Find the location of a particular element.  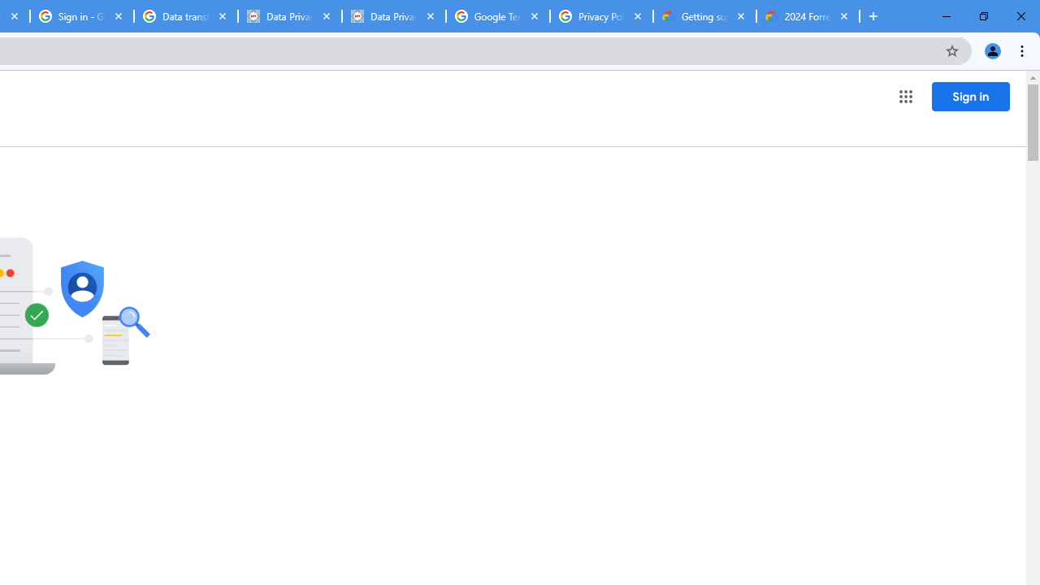

'Sign in' is located at coordinates (970, 96).